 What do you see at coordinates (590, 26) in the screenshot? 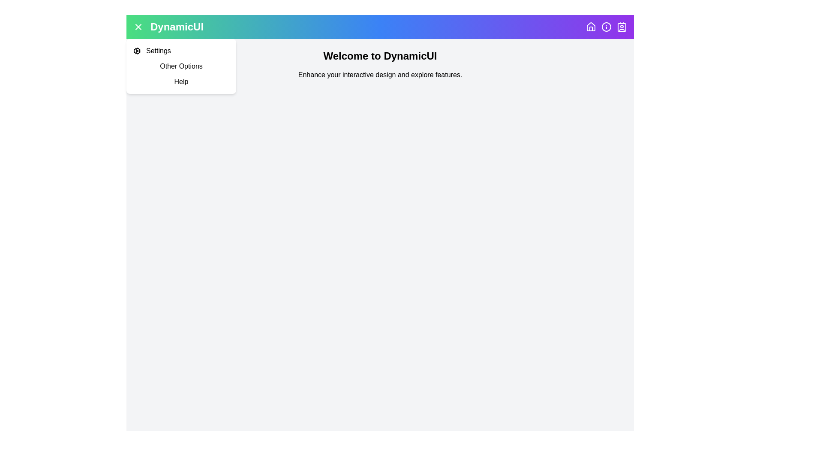
I see `the home icon located on the right side of the top navigation bar` at bounding box center [590, 26].